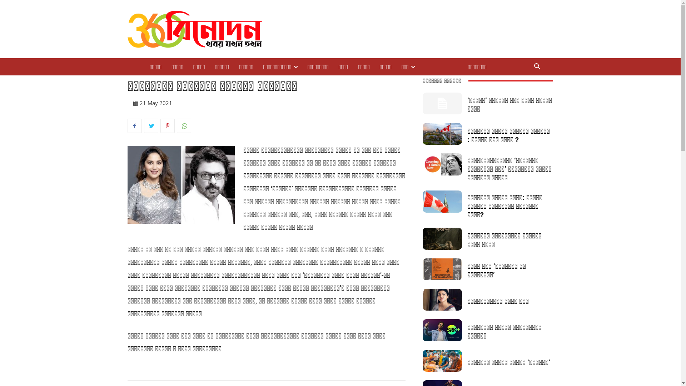 Image resolution: width=686 pixels, height=386 pixels. Describe the element at coordinates (150, 125) in the screenshot. I see `'Twitter'` at that location.